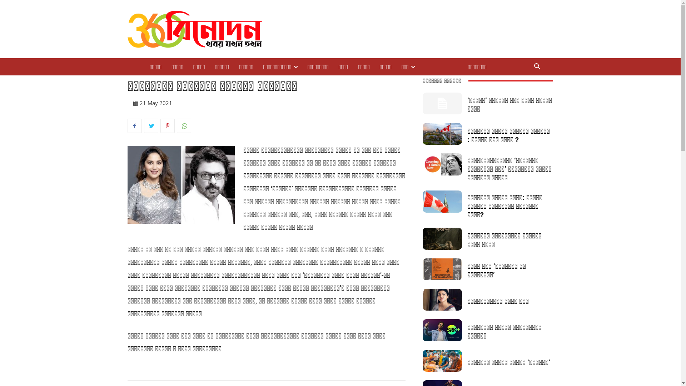 Image resolution: width=686 pixels, height=386 pixels. Describe the element at coordinates (150, 125) in the screenshot. I see `'Twitter'` at that location.